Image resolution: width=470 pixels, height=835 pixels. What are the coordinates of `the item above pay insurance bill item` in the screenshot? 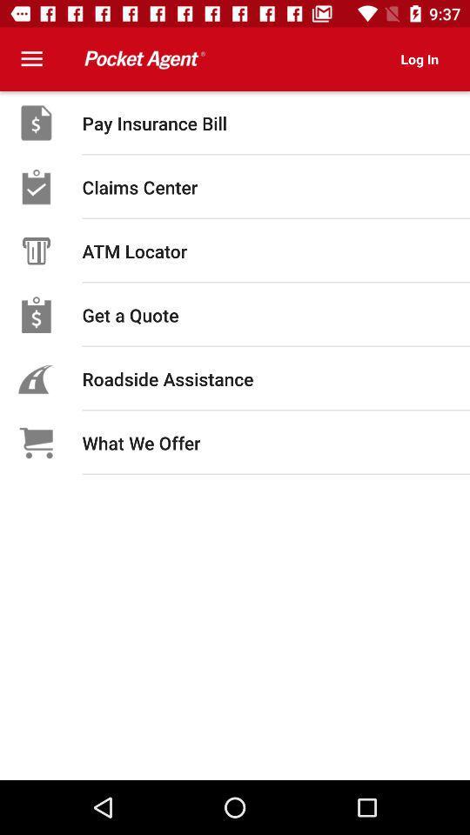 It's located at (419, 59).